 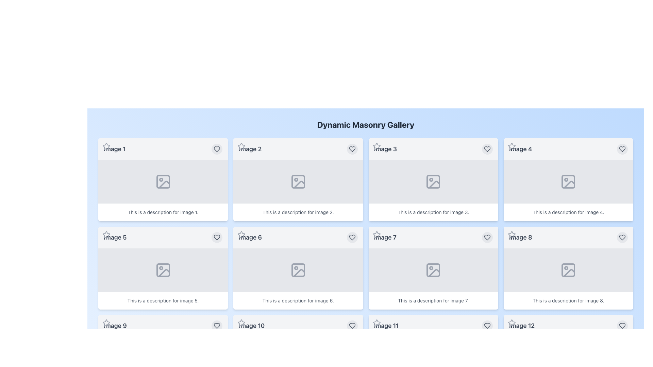 What do you see at coordinates (433, 181) in the screenshot?
I see `the photo icon within the card labeled 'Image 3' in the dynamic masonry gallery layout, which is represented by a rectangle with a circular dot and a diagonal line suggesting a mountain or wave` at bounding box center [433, 181].